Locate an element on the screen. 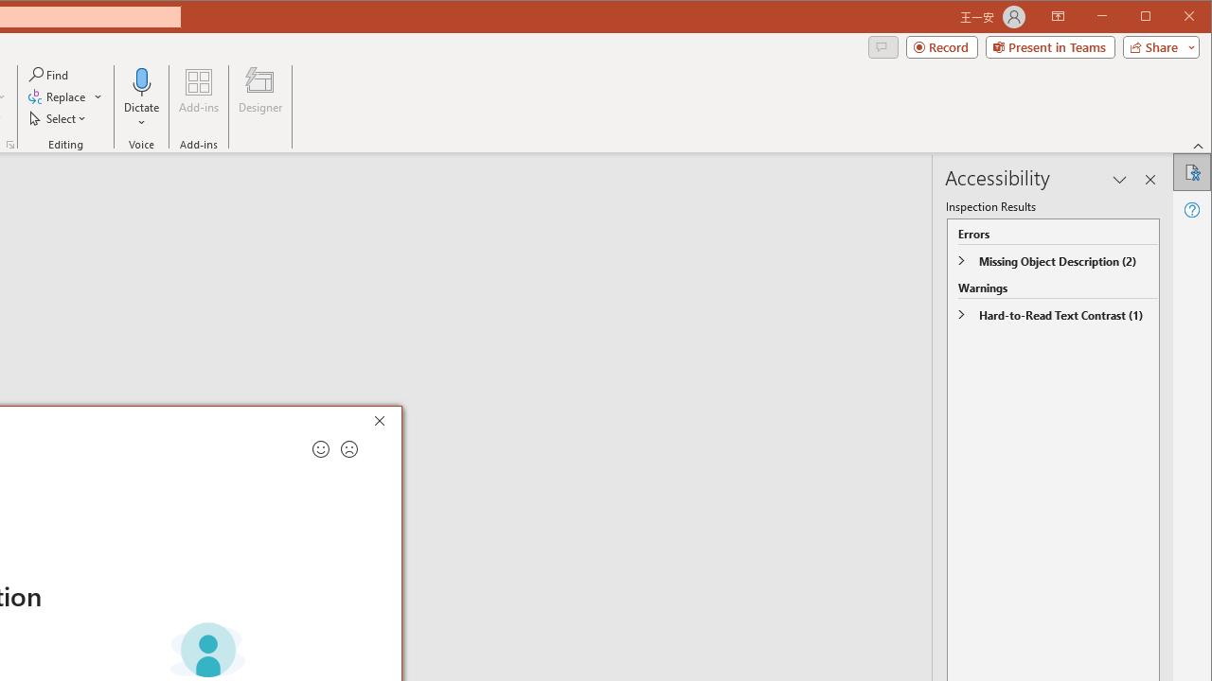  'Send a frown for feedback' is located at coordinates (349, 449).